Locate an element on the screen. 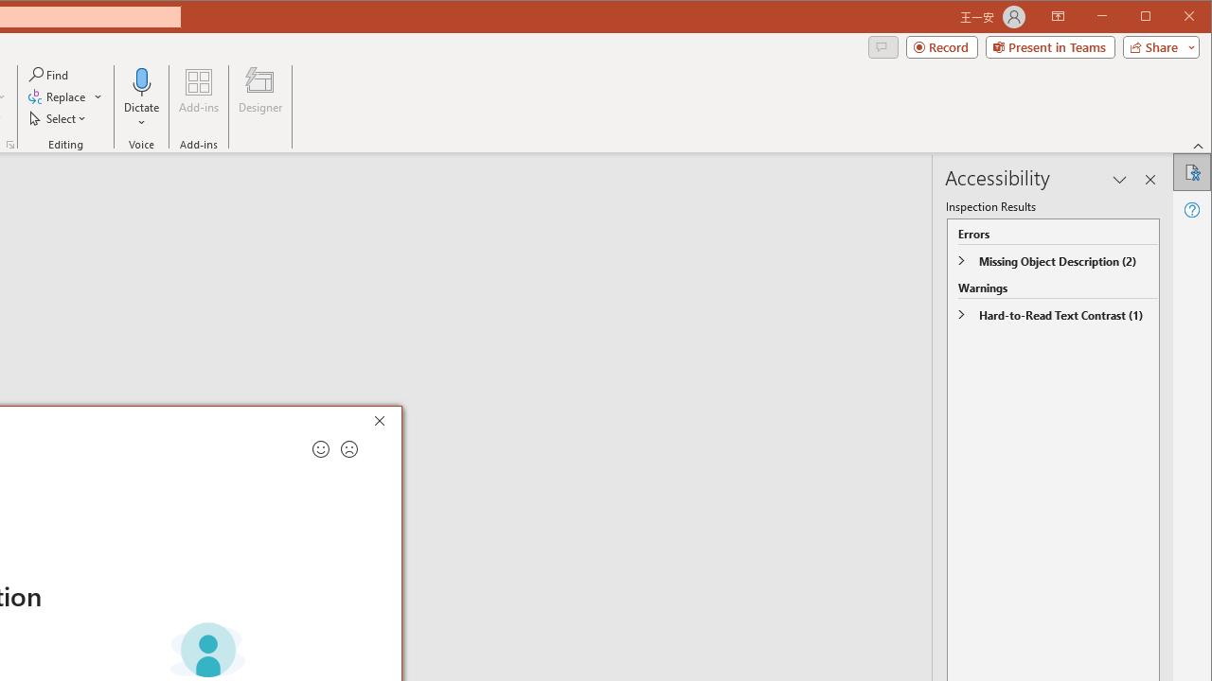  'Send a frown for feedback' is located at coordinates (349, 449).